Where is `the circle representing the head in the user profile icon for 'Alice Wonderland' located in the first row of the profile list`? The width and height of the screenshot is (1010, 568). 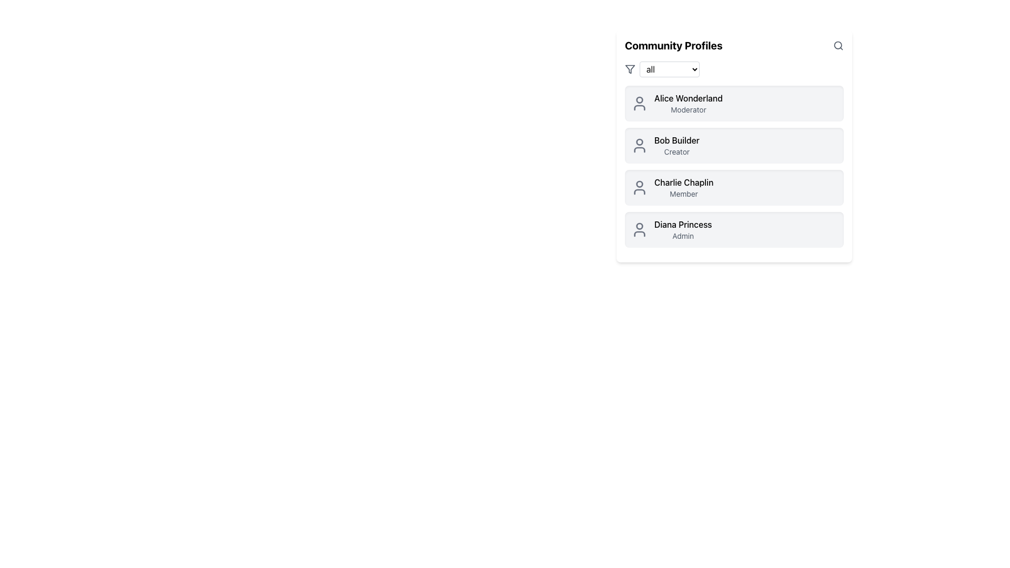 the circle representing the head in the user profile icon for 'Alice Wonderland' located in the first row of the profile list is located at coordinates (639, 99).